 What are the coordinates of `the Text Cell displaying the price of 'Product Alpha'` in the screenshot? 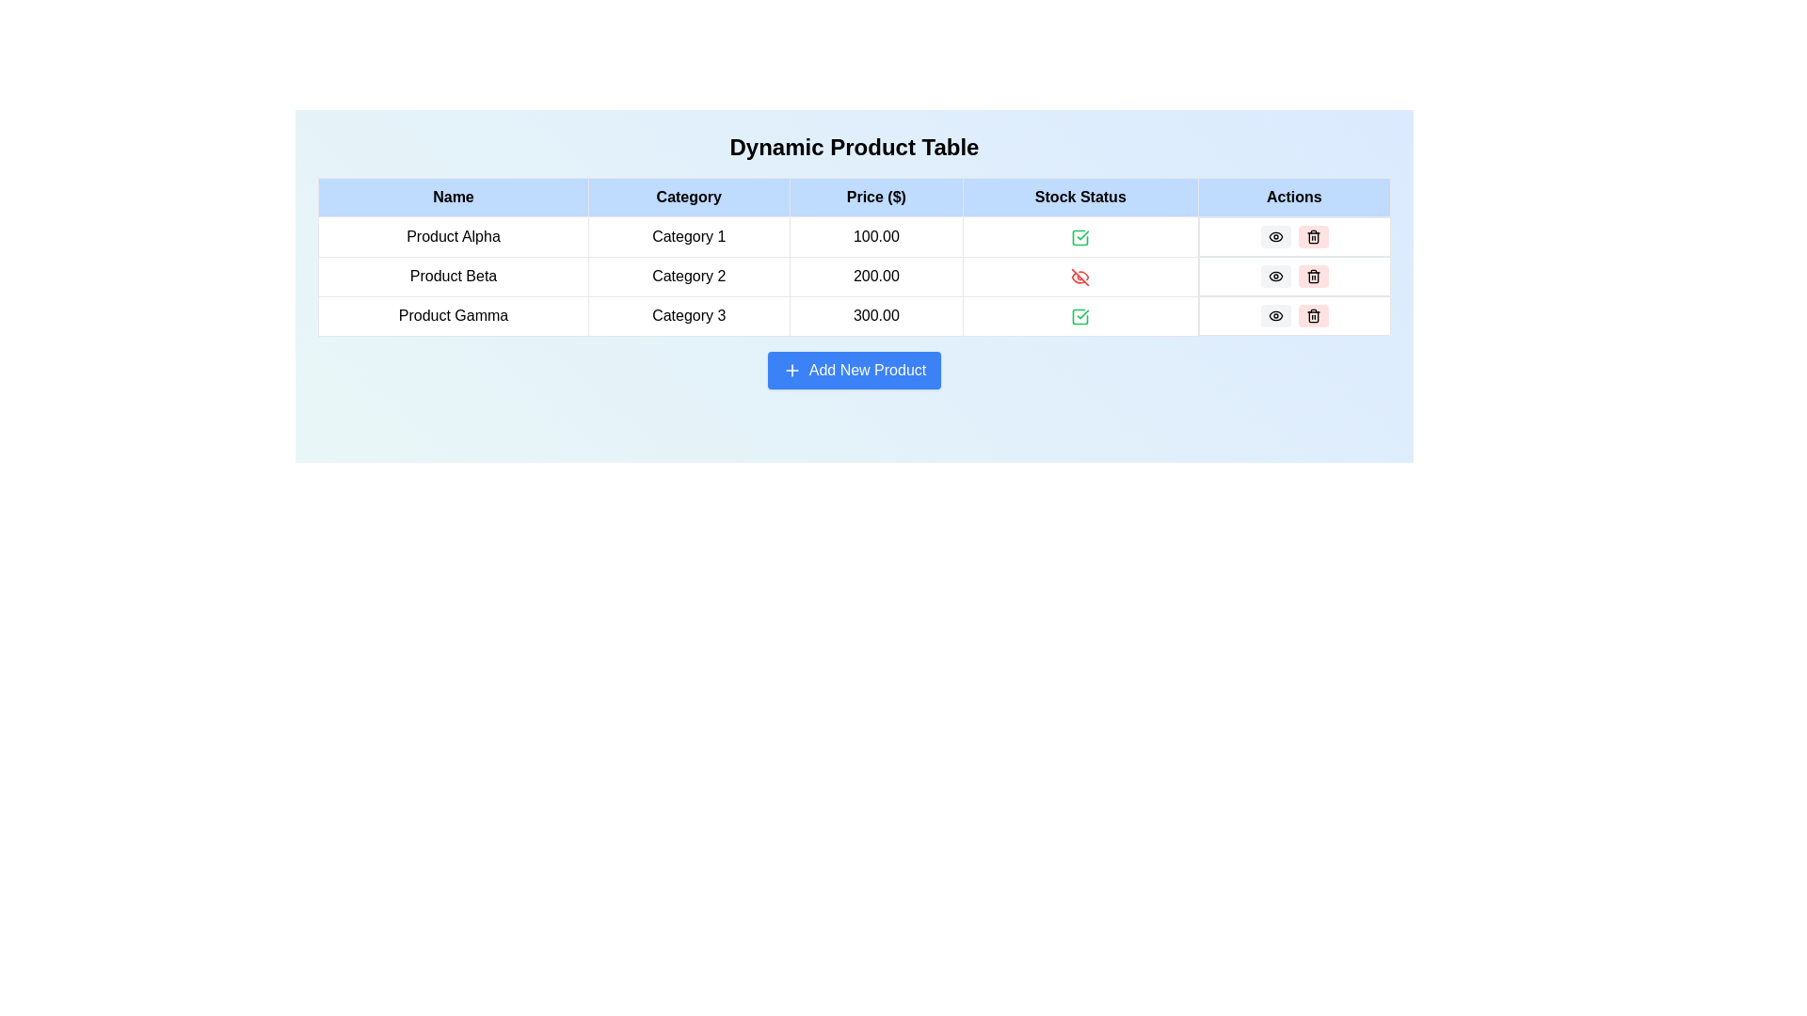 It's located at (875, 235).